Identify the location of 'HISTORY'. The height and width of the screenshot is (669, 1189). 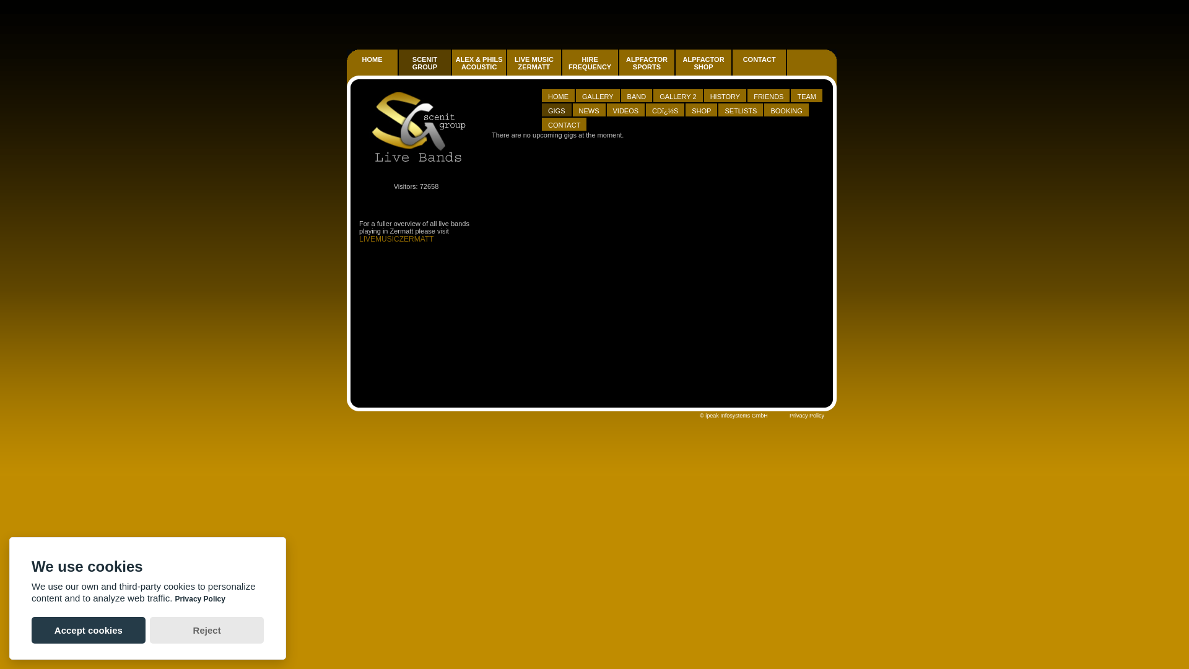
(725, 95).